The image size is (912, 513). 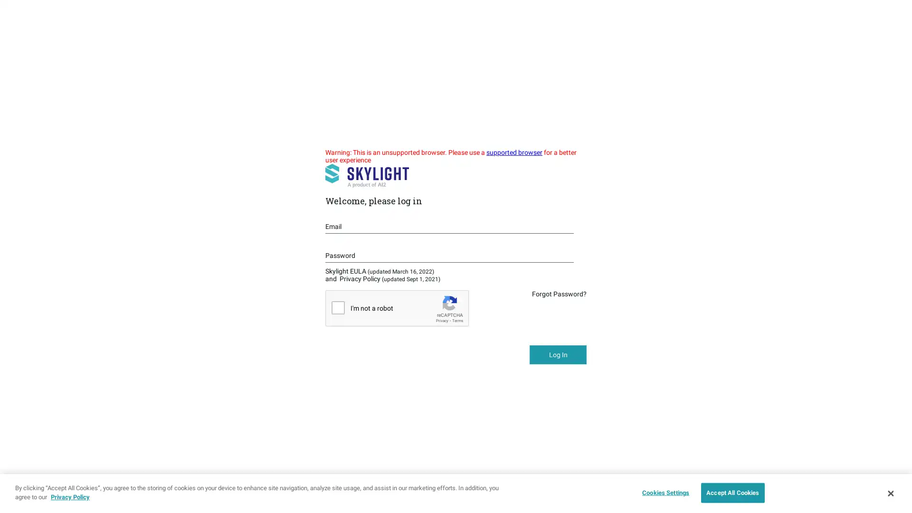 What do you see at coordinates (732, 492) in the screenshot?
I see `Accept All Cookies` at bounding box center [732, 492].